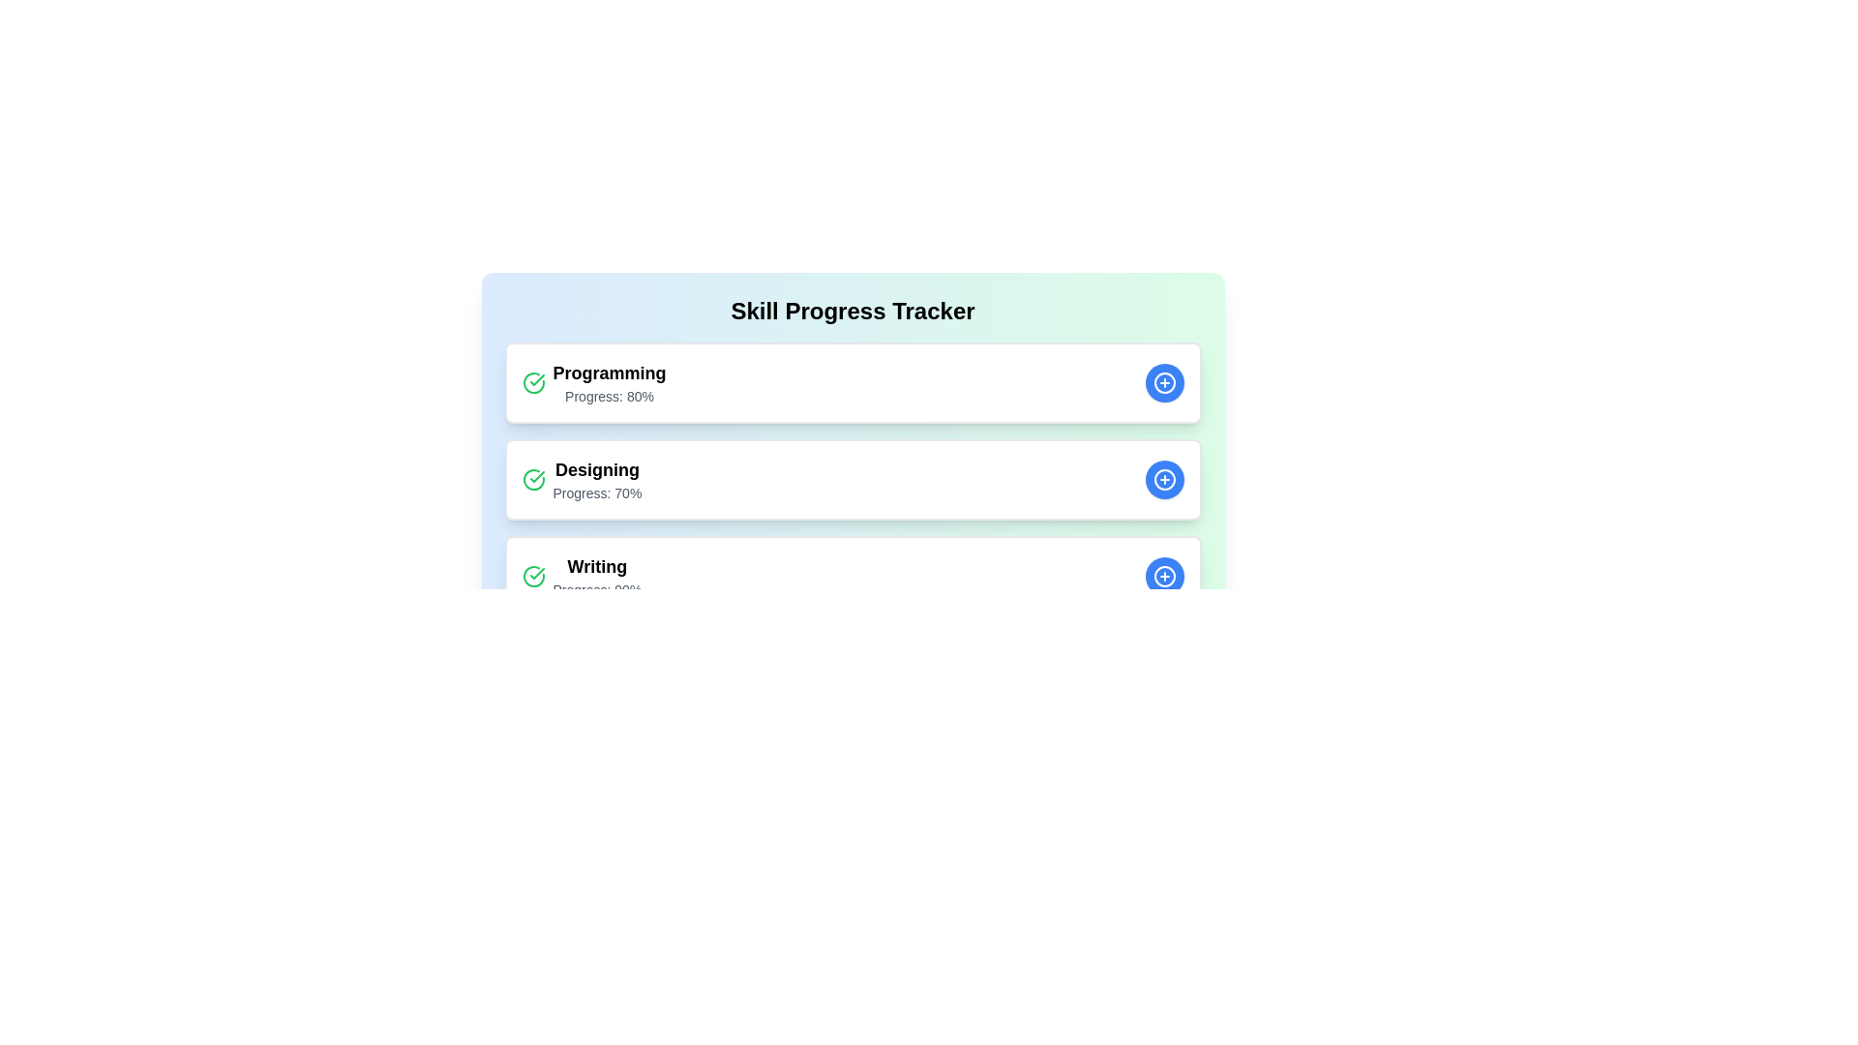 The height and width of the screenshot is (1045, 1858). What do you see at coordinates (852, 310) in the screenshot?
I see `the header text 'Skill Progress Tracker'` at bounding box center [852, 310].